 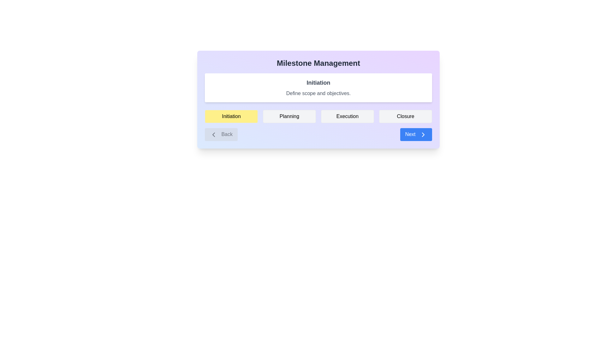 I want to click on the right-pointing arrow icon located within the 'Next' button at the bottom-right corner of the interface, so click(x=423, y=134).